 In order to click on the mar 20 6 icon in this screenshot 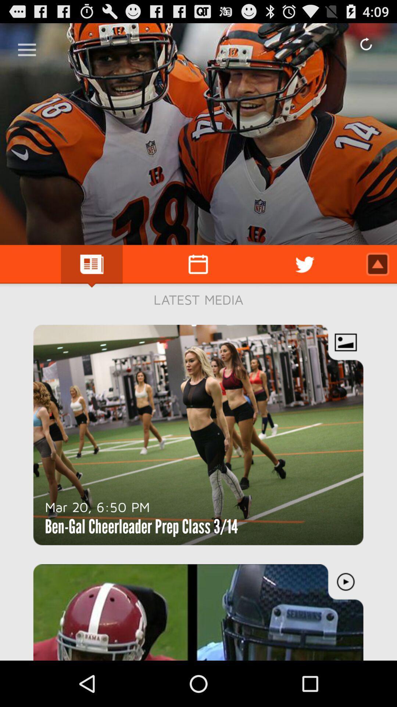, I will do `click(97, 506)`.